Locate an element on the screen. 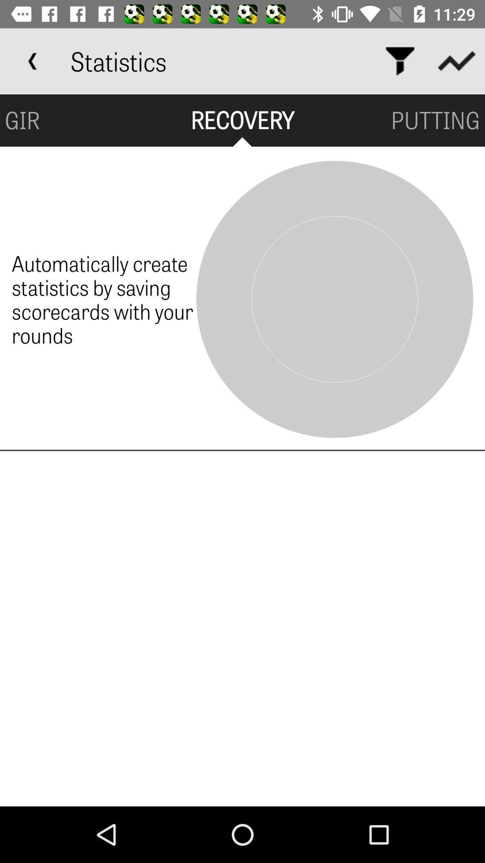 This screenshot has height=863, width=485. icon next to the statistics item is located at coordinates (400, 61).